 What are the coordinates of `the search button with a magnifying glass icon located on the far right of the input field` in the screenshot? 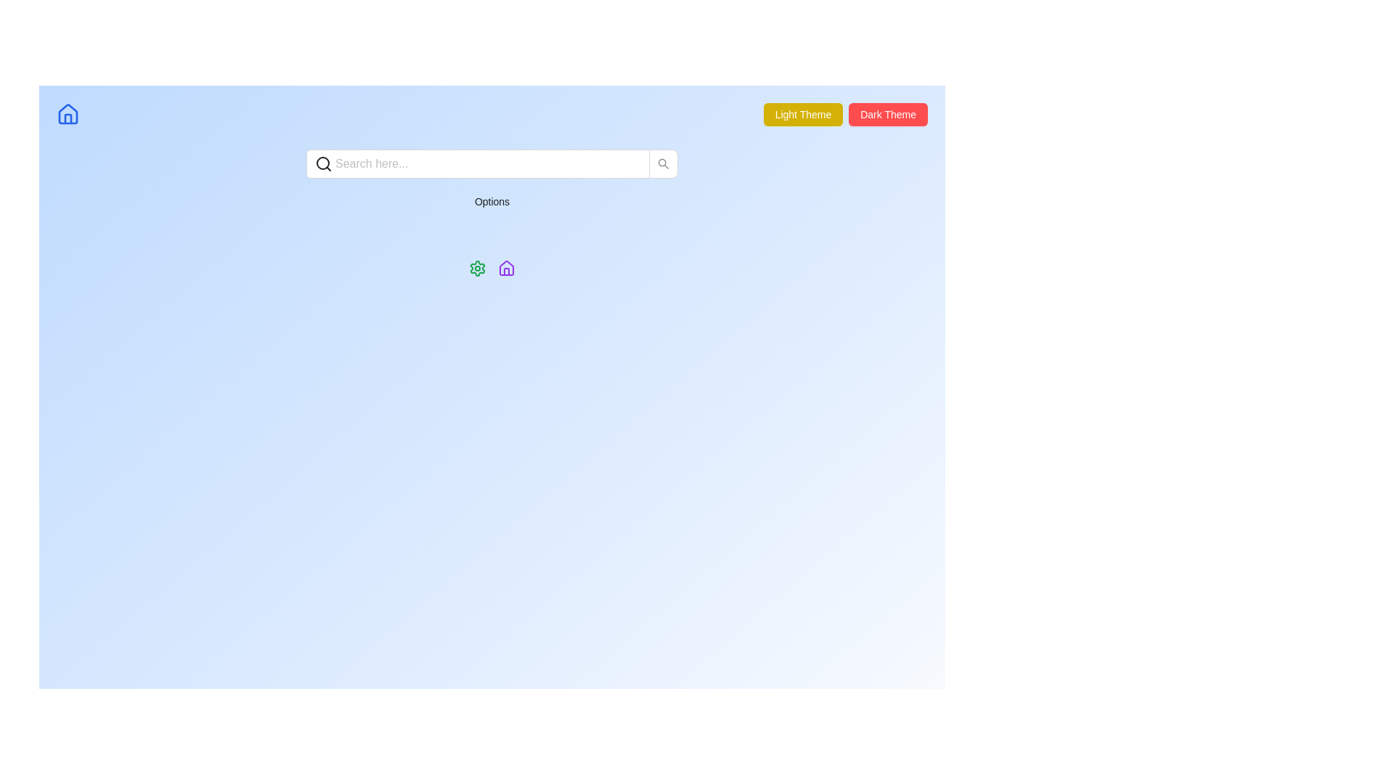 It's located at (662, 163).